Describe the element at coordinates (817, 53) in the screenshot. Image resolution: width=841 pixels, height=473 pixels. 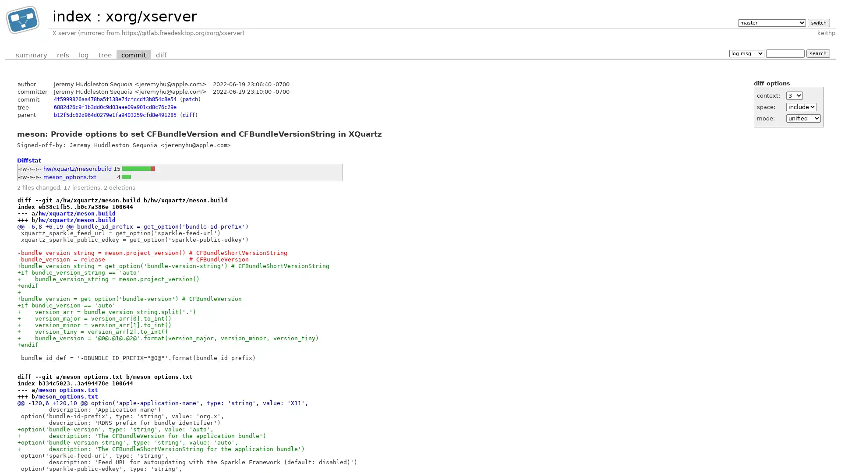
I see `search` at that location.